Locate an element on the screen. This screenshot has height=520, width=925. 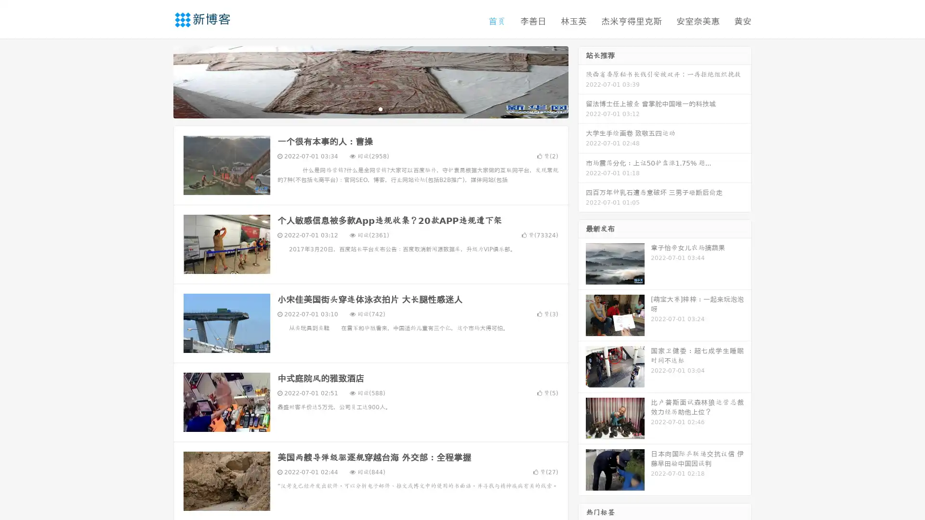
Previous slide is located at coordinates (159, 81).